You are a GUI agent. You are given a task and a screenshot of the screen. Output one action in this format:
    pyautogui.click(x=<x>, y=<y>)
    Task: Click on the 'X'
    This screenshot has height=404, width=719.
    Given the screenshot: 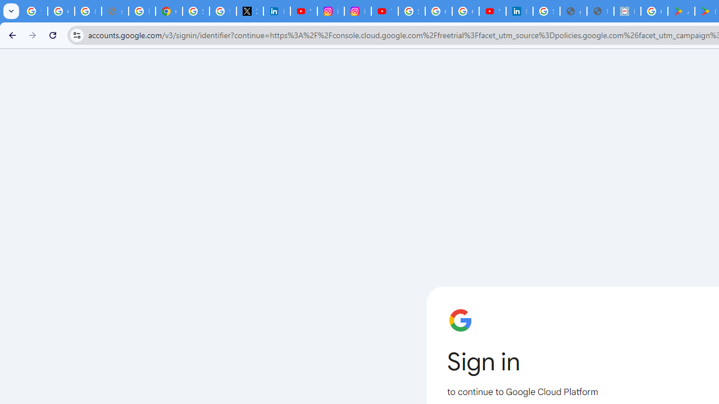 What is the action you would take?
    pyautogui.click(x=249, y=11)
    